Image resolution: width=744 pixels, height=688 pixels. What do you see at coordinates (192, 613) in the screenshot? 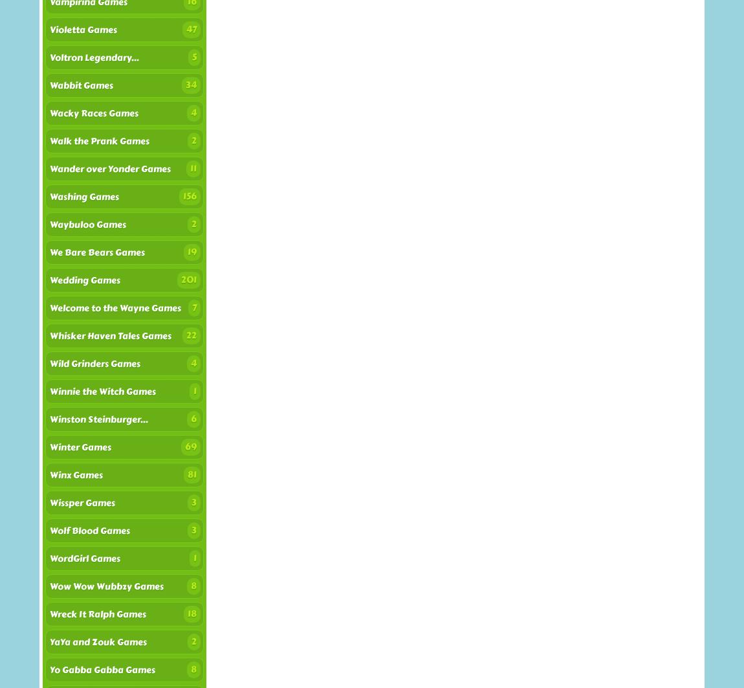
I see `'18'` at bounding box center [192, 613].